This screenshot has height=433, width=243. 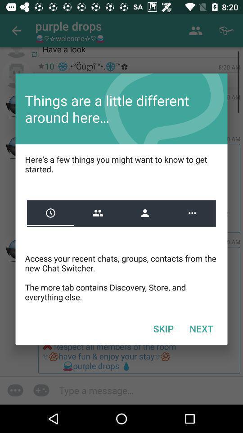 I want to click on skip item, so click(x=163, y=328).